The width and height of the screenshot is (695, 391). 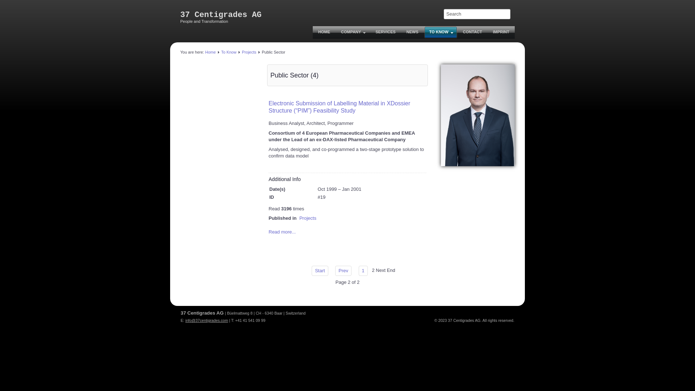 I want to click on 'TO KNOW', so click(x=440, y=32).